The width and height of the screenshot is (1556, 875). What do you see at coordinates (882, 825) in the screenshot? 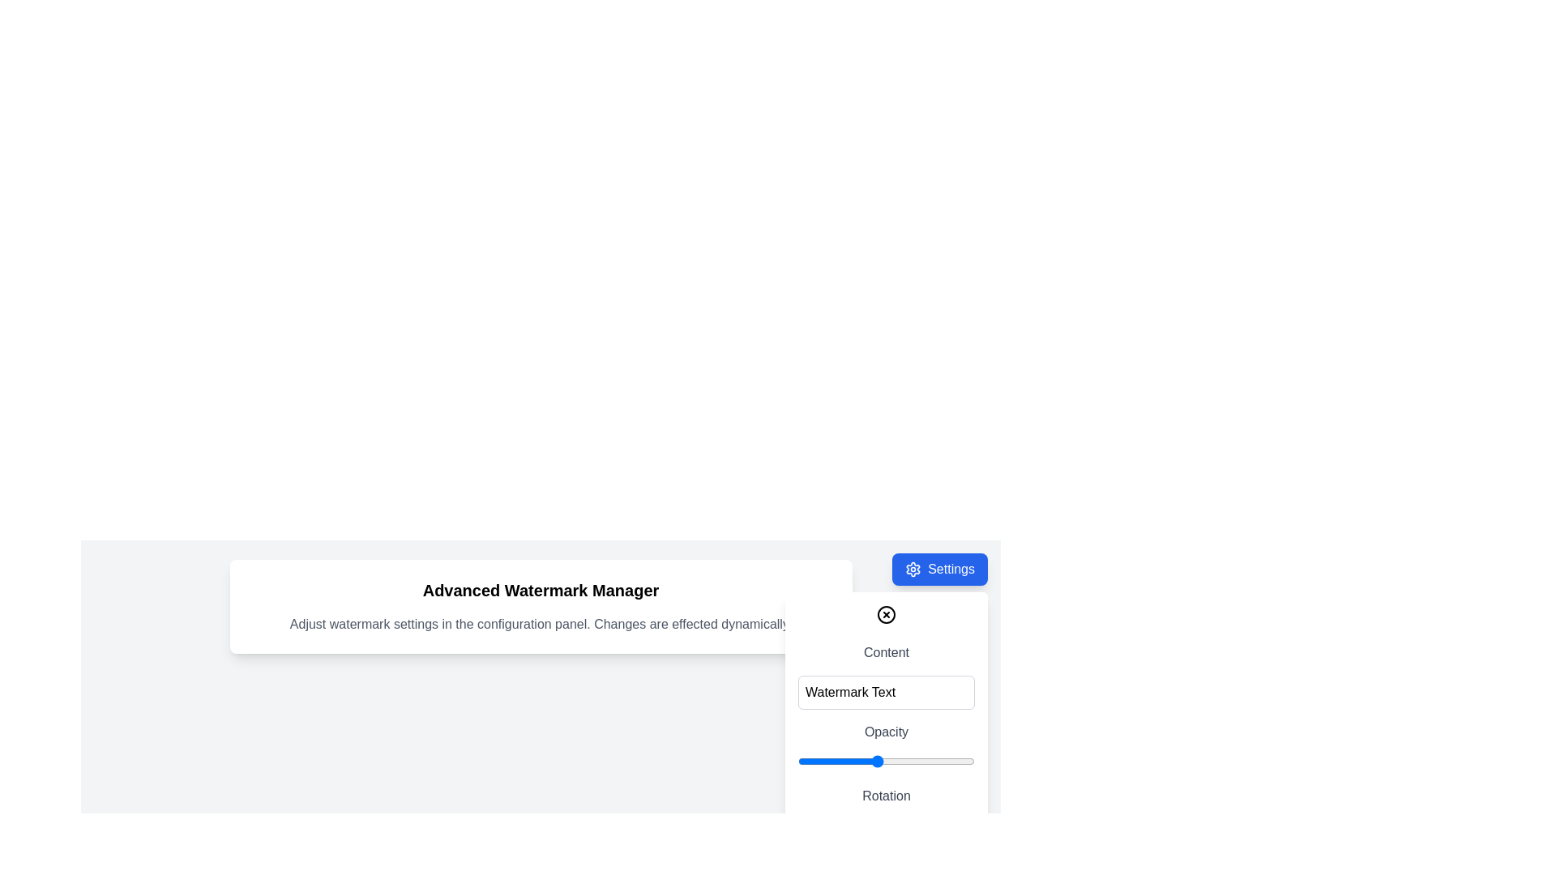
I see `rotation angle` at bounding box center [882, 825].